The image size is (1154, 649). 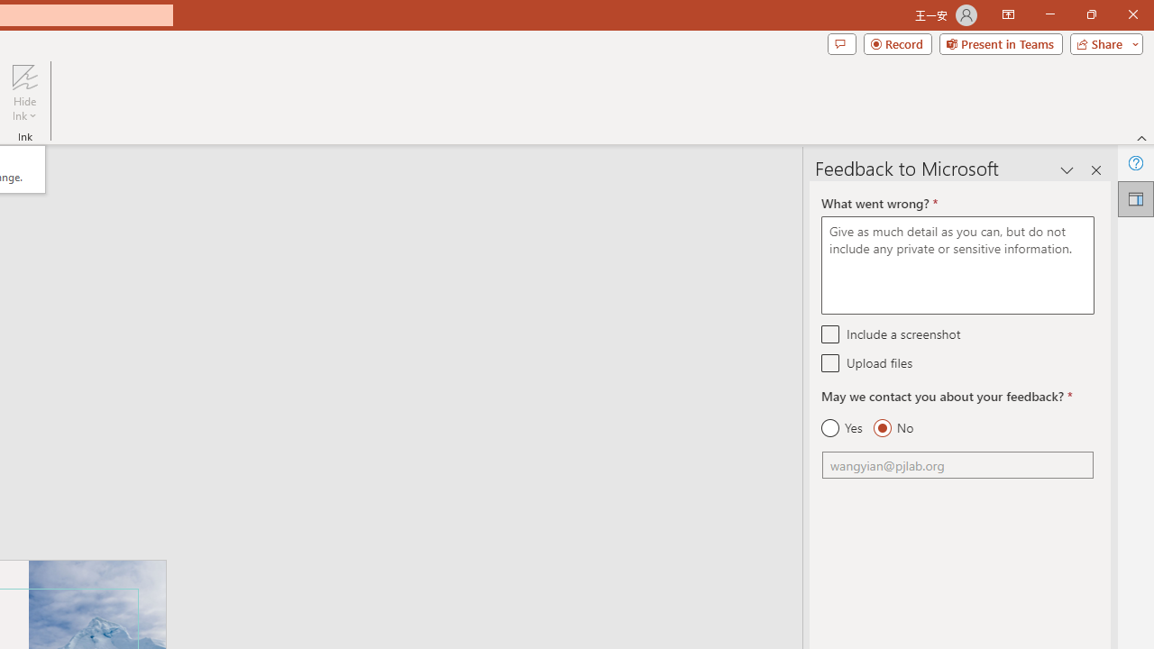 I want to click on 'Include a screenshot', so click(x=829, y=334).